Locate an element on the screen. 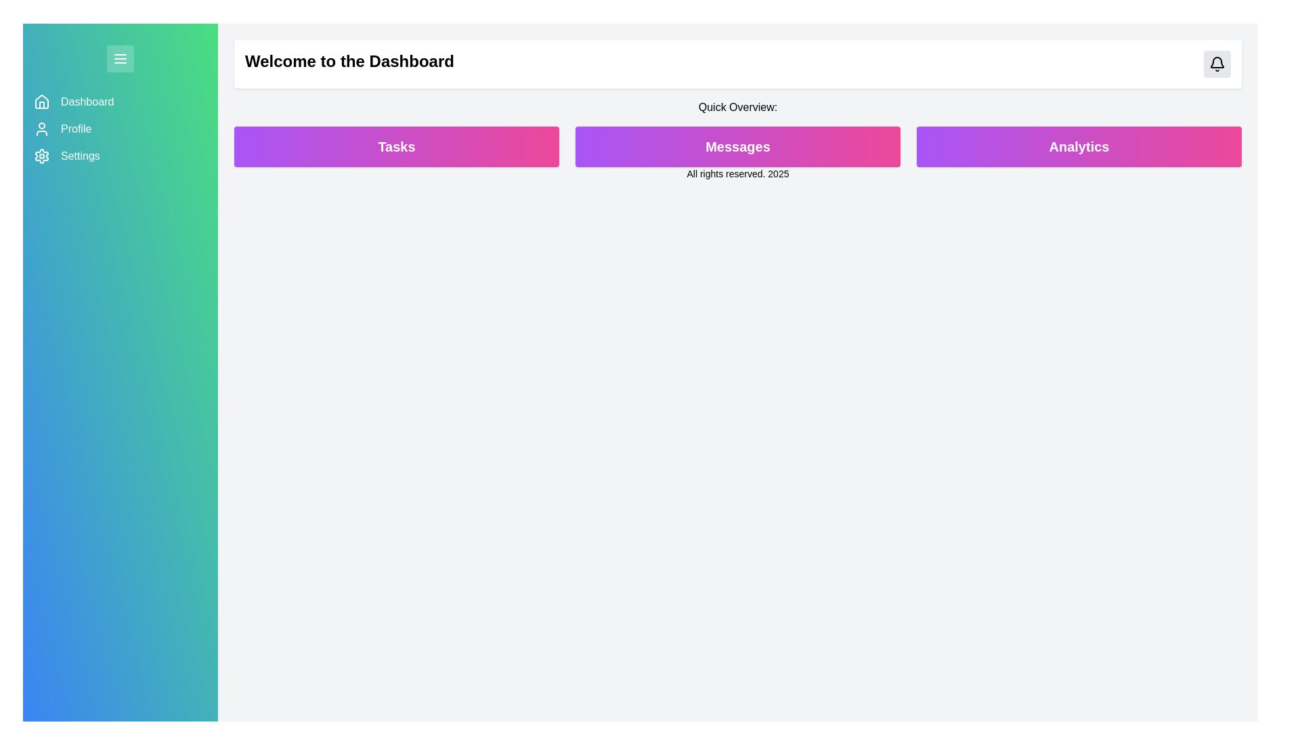 The height and width of the screenshot is (731, 1300). the 'Messages' labeled section button is located at coordinates (737, 146).